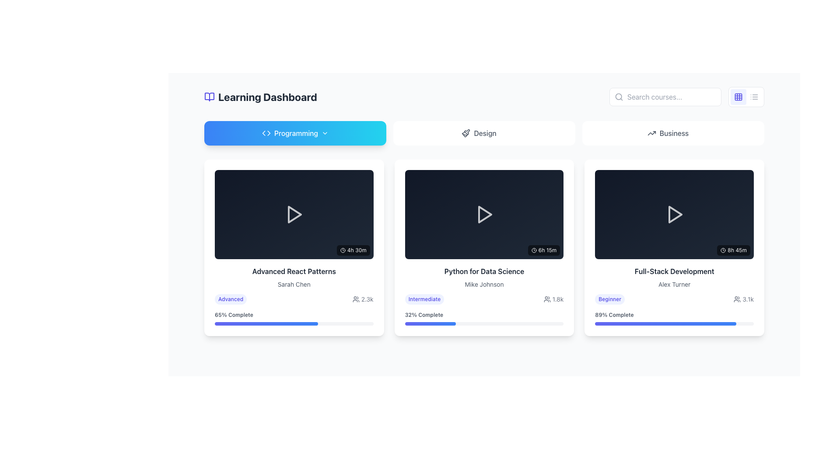  Describe the element at coordinates (424, 315) in the screenshot. I see `the text label indicating the completion percentage of the 'Python for Data Science' course, located above the blue progress bar` at that location.